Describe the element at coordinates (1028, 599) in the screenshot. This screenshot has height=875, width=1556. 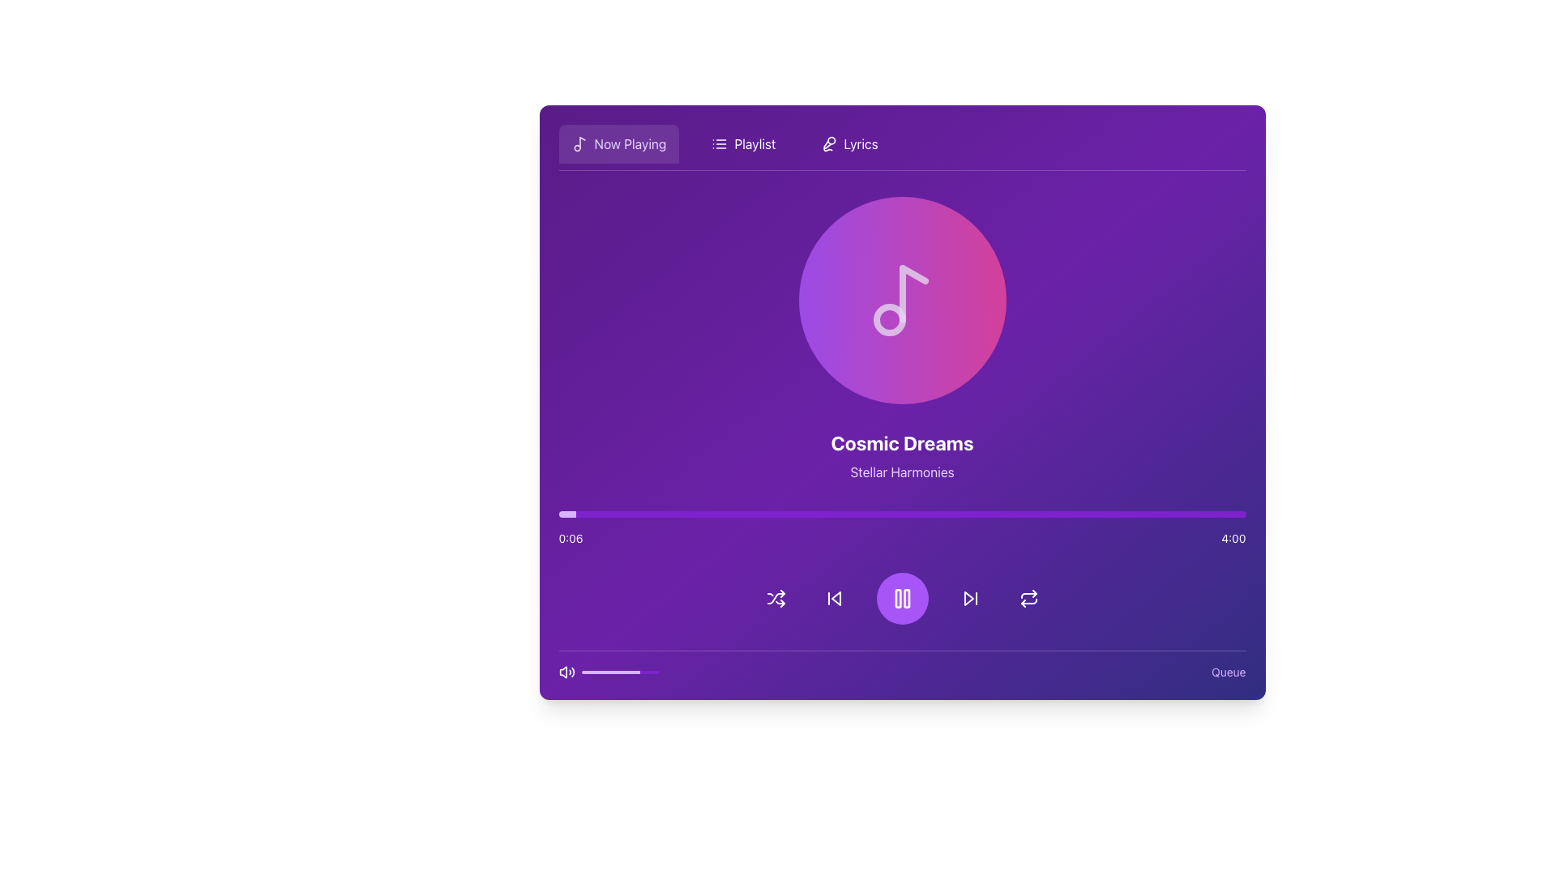
I see `the repeat button, which is the last interactive element in the row of buttons beneath the media progress bar` at that location.